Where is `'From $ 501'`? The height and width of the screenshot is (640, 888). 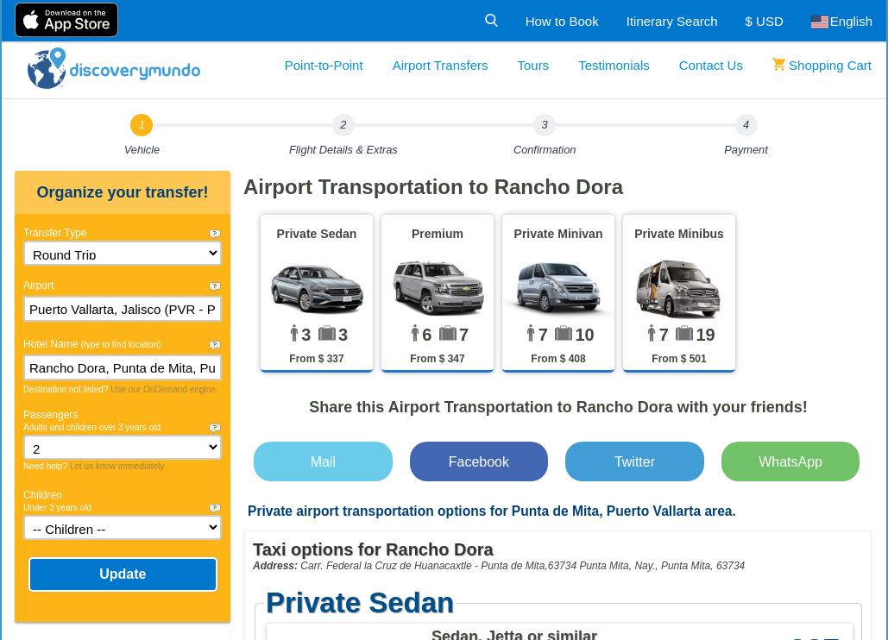
'From $ 501' is located at coordinates (678, 358).